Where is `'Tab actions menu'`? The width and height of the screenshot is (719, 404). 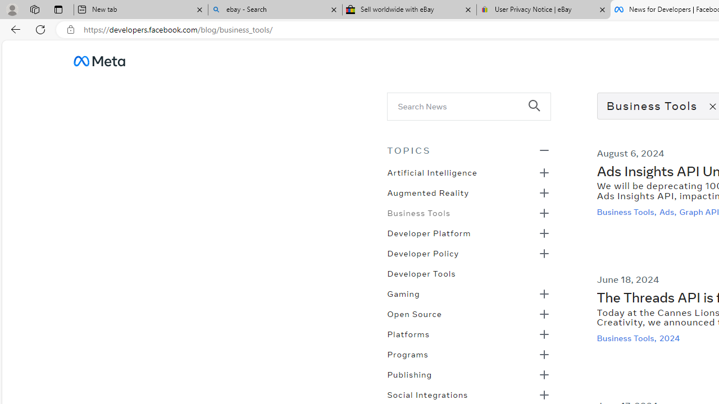
'Tab actions menu' is located at coordinates (58, 9).